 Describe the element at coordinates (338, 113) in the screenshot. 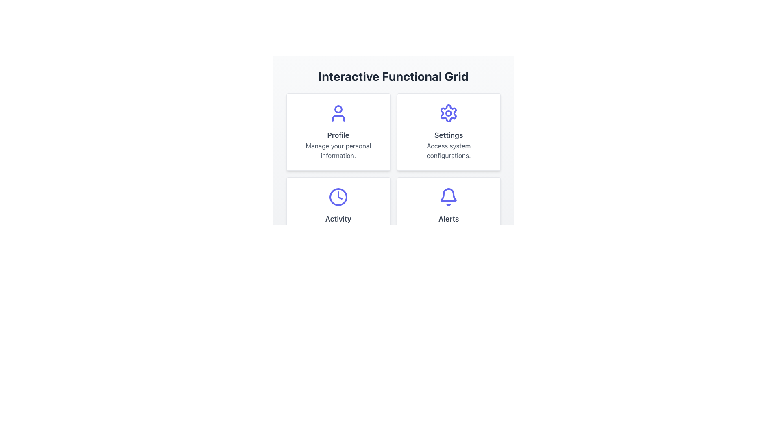

I see `the user silhouette icon styled in purple, located at the top-center of the 'Profile' box, which includes the text 'Manage your personal information.'` at that location.